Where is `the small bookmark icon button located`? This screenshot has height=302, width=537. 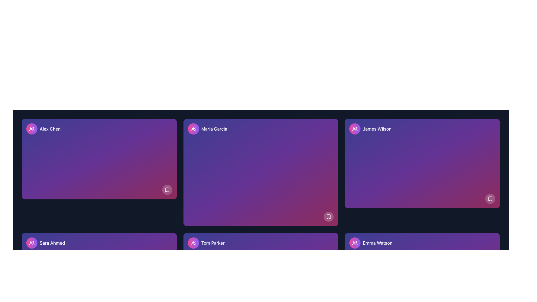
the small bookmark icon button located is located at coordinates (167, 189).